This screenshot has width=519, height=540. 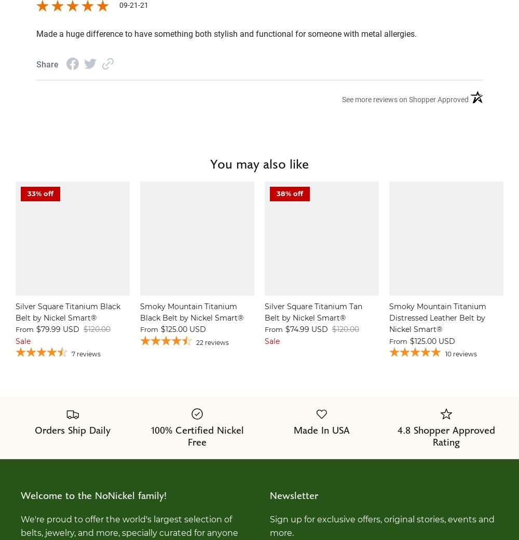 What do you see at coordinates (270, 496) in the screenshot?
I see `'Newsletter'` at bounding box center [270, 496].